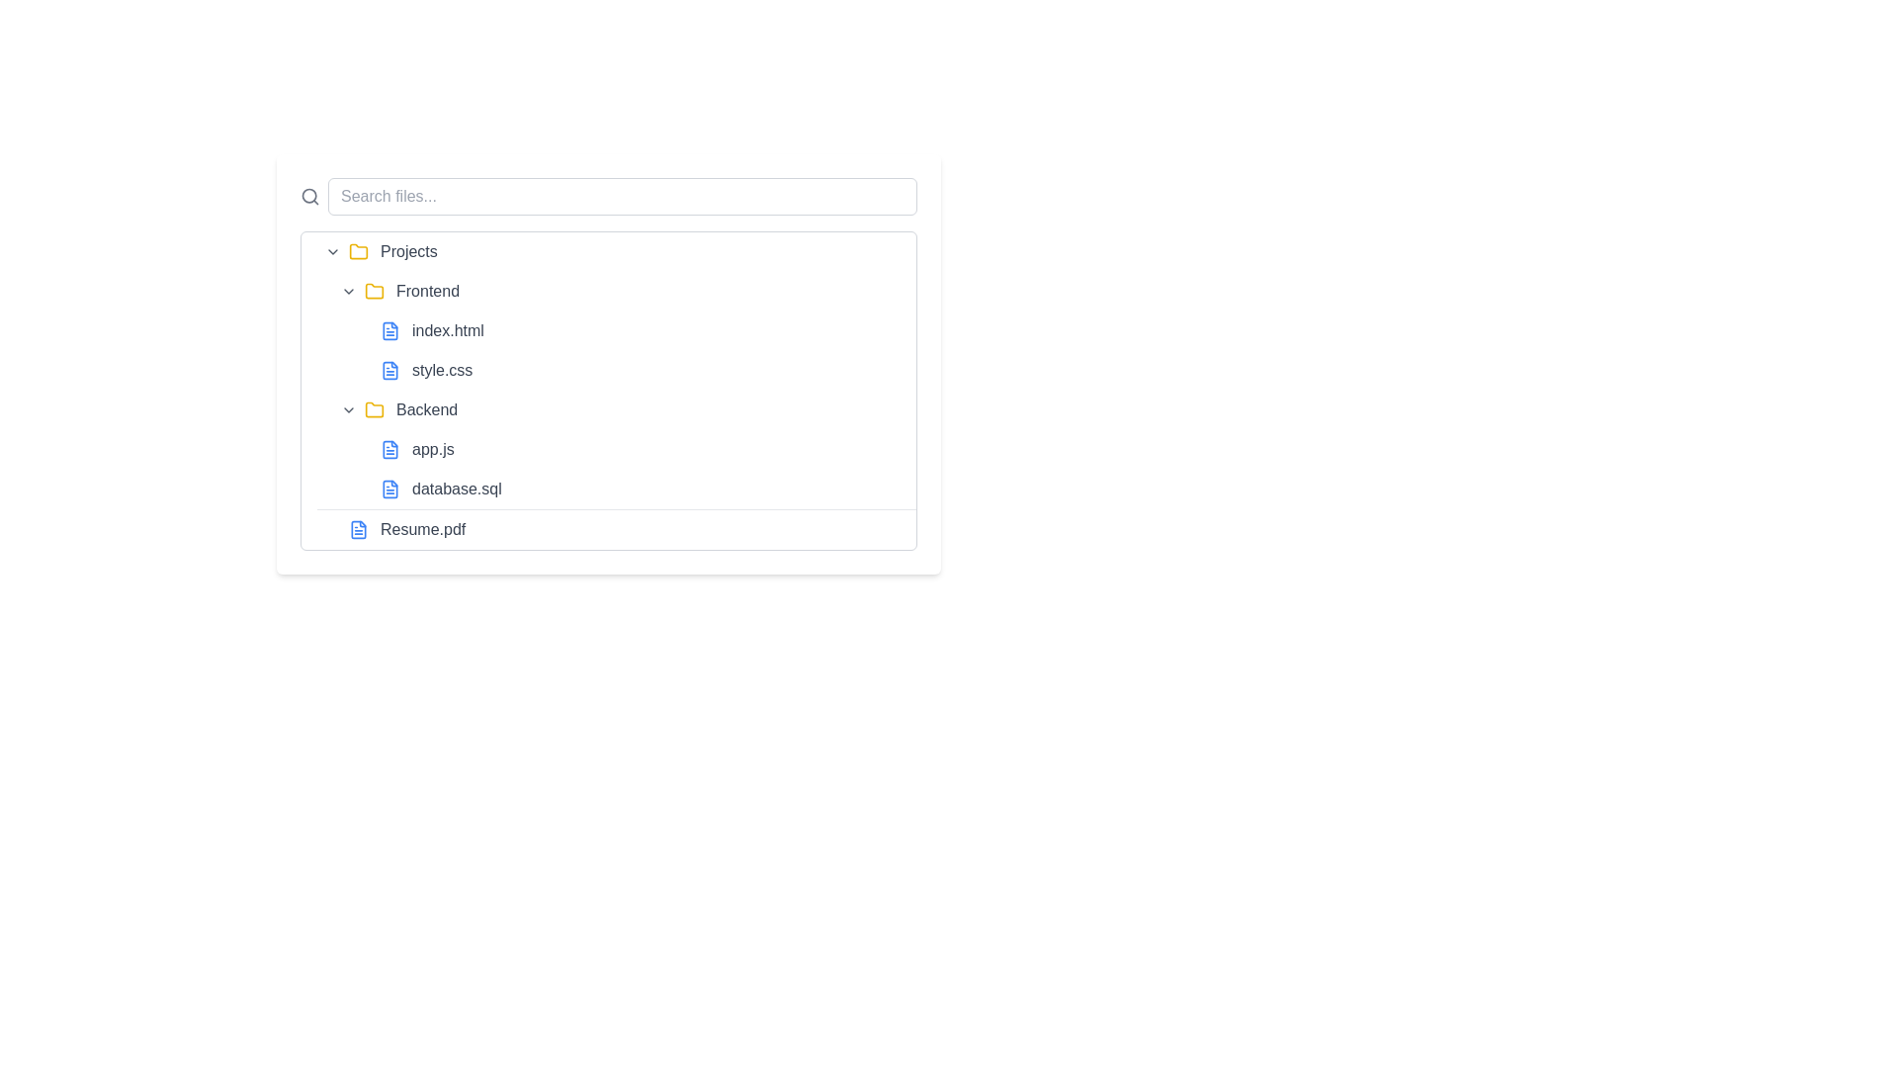  I want to click on to select the file named 'Resume.pdf' in the file tree, which is represented as a standalone item after 'database.sql', so click(616, 528).